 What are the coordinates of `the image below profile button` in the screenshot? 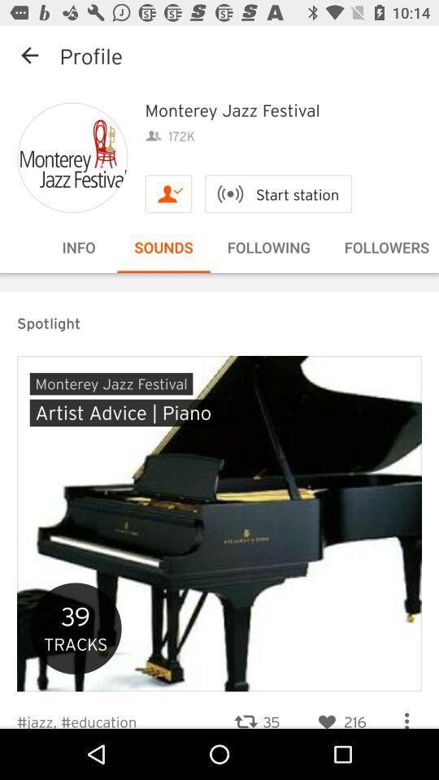 It's located at (72, 158).